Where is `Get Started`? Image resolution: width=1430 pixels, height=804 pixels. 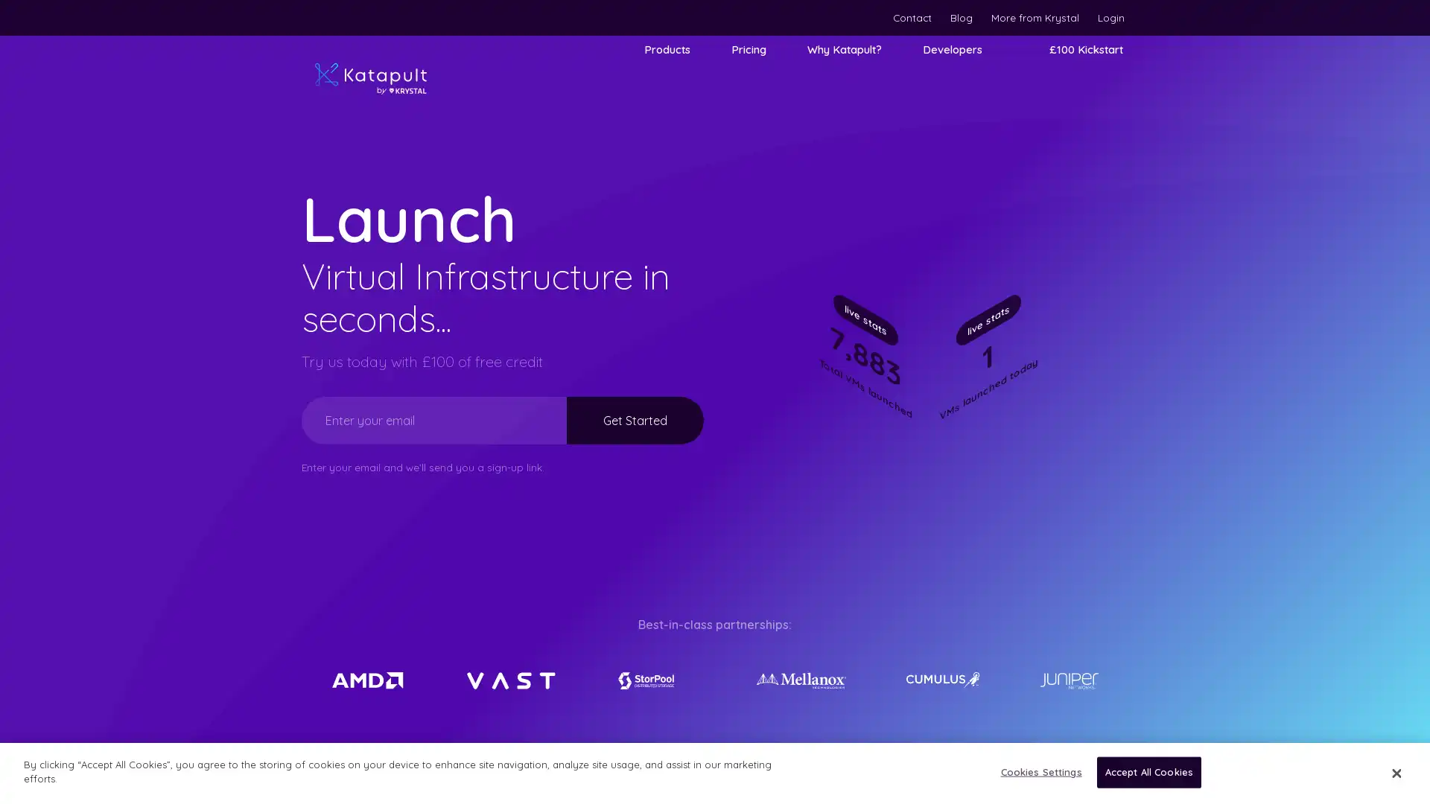
Get Started is located at coordinates (635, 419).